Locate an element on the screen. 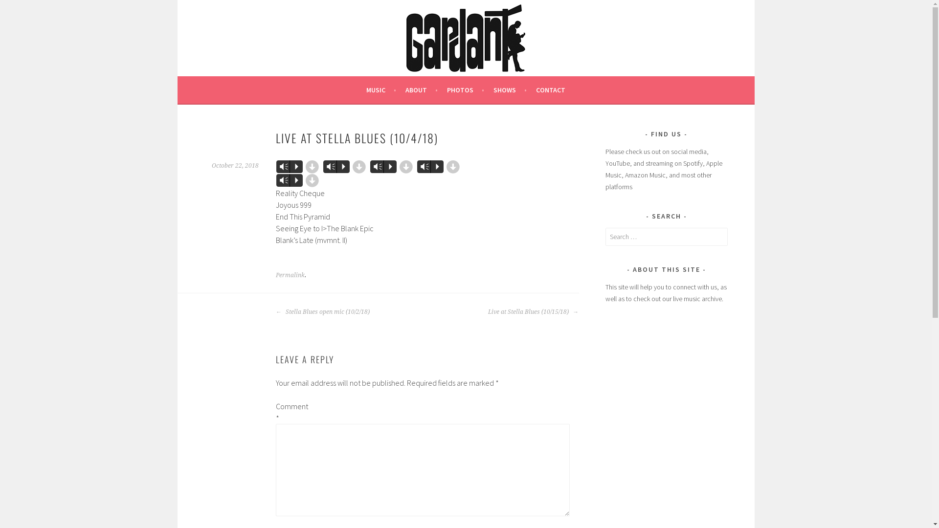 The height and width of the screenshot is (528, 939). 'PHOTOS' is located at coordinates (465, 90).